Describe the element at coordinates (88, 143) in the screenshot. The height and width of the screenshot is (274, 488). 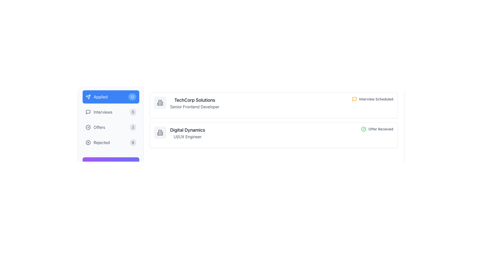
I see `the inner SVG circle element located beside the 'Rejected' menu item in the sidebar navigation` at that location.